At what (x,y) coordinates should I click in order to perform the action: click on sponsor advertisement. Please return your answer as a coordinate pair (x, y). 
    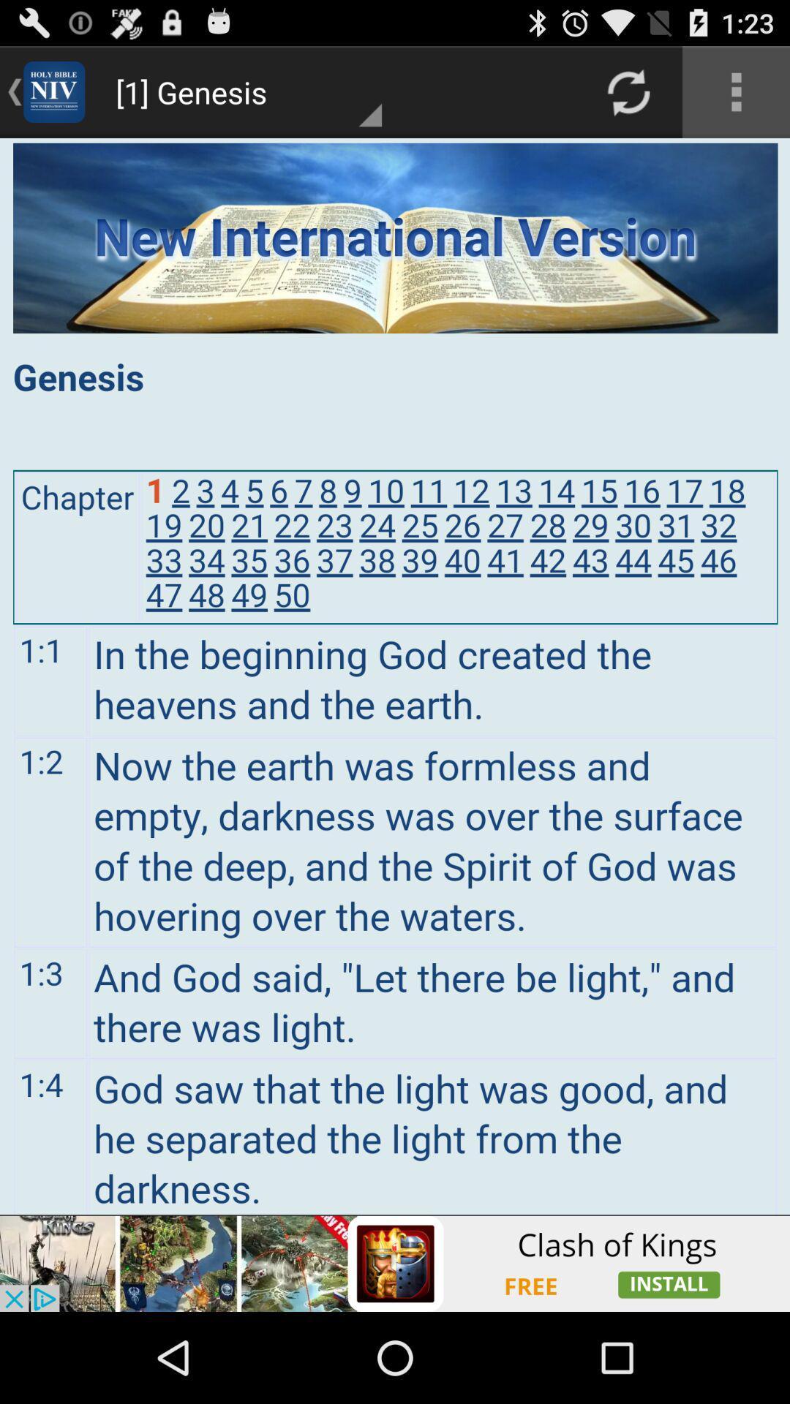
    Looking at the image, I should click on (395, 1263).